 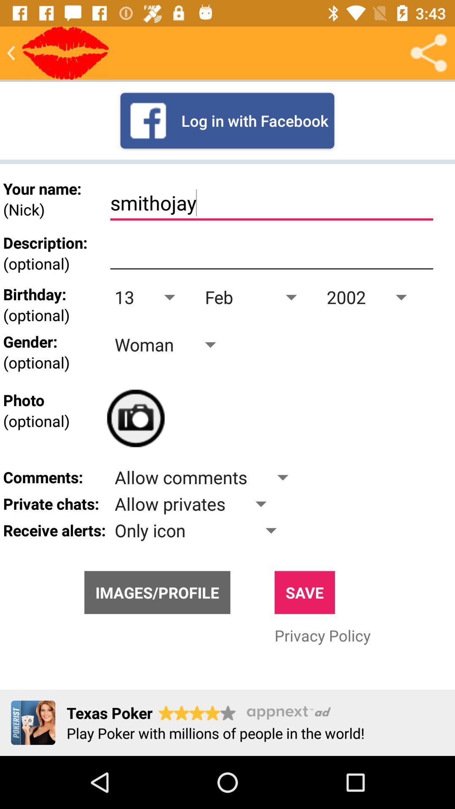 I want to click on share the article, so click(x=428, y=52).